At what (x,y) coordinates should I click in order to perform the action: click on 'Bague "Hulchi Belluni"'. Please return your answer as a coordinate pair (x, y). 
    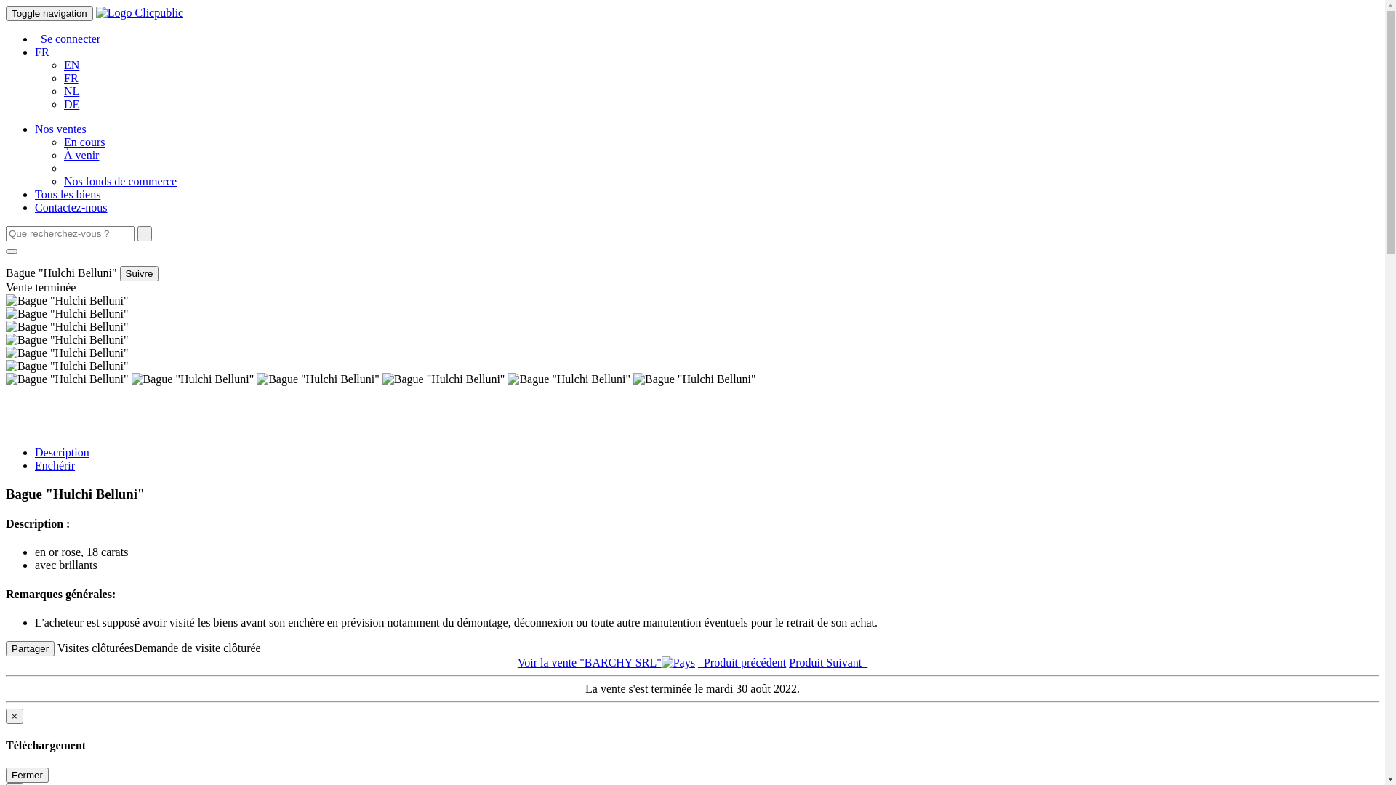
    Looking at the image, I should click on (507, 378).